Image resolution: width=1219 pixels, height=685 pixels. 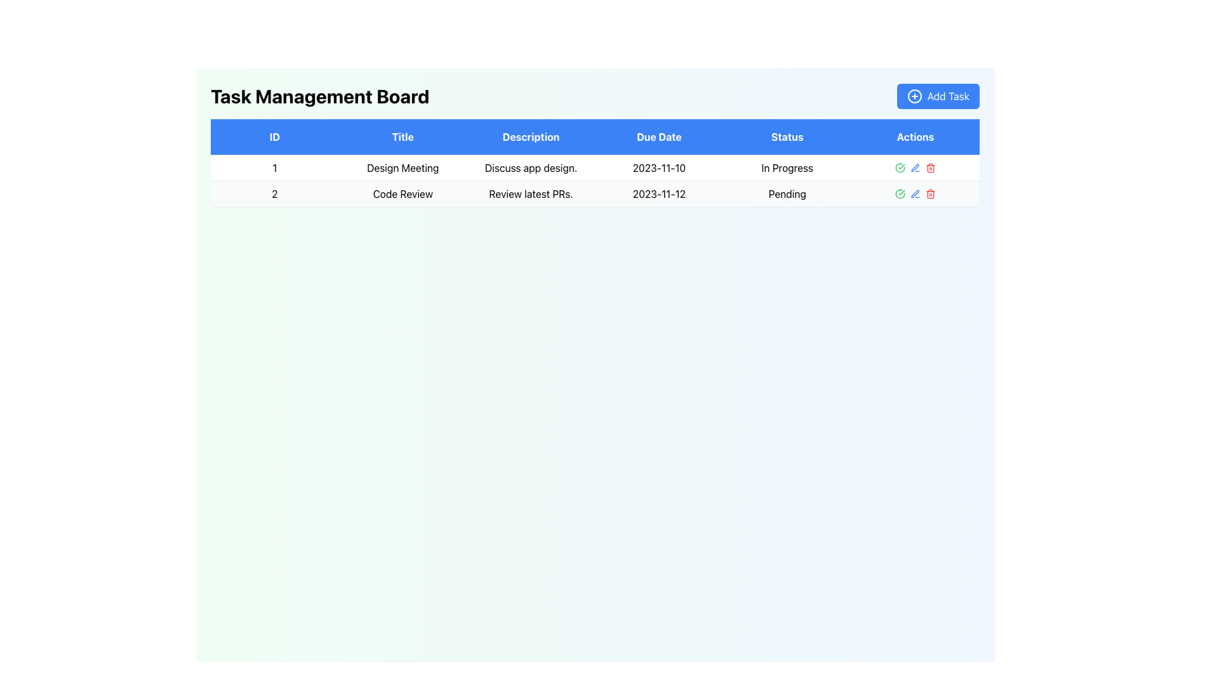 What do you see at coordinates (914, 95) in the screenshot?
I see `the circular part of the 'Add Task' button, which visually indicates the action of adding a new task` at bounding box center [914, 95].